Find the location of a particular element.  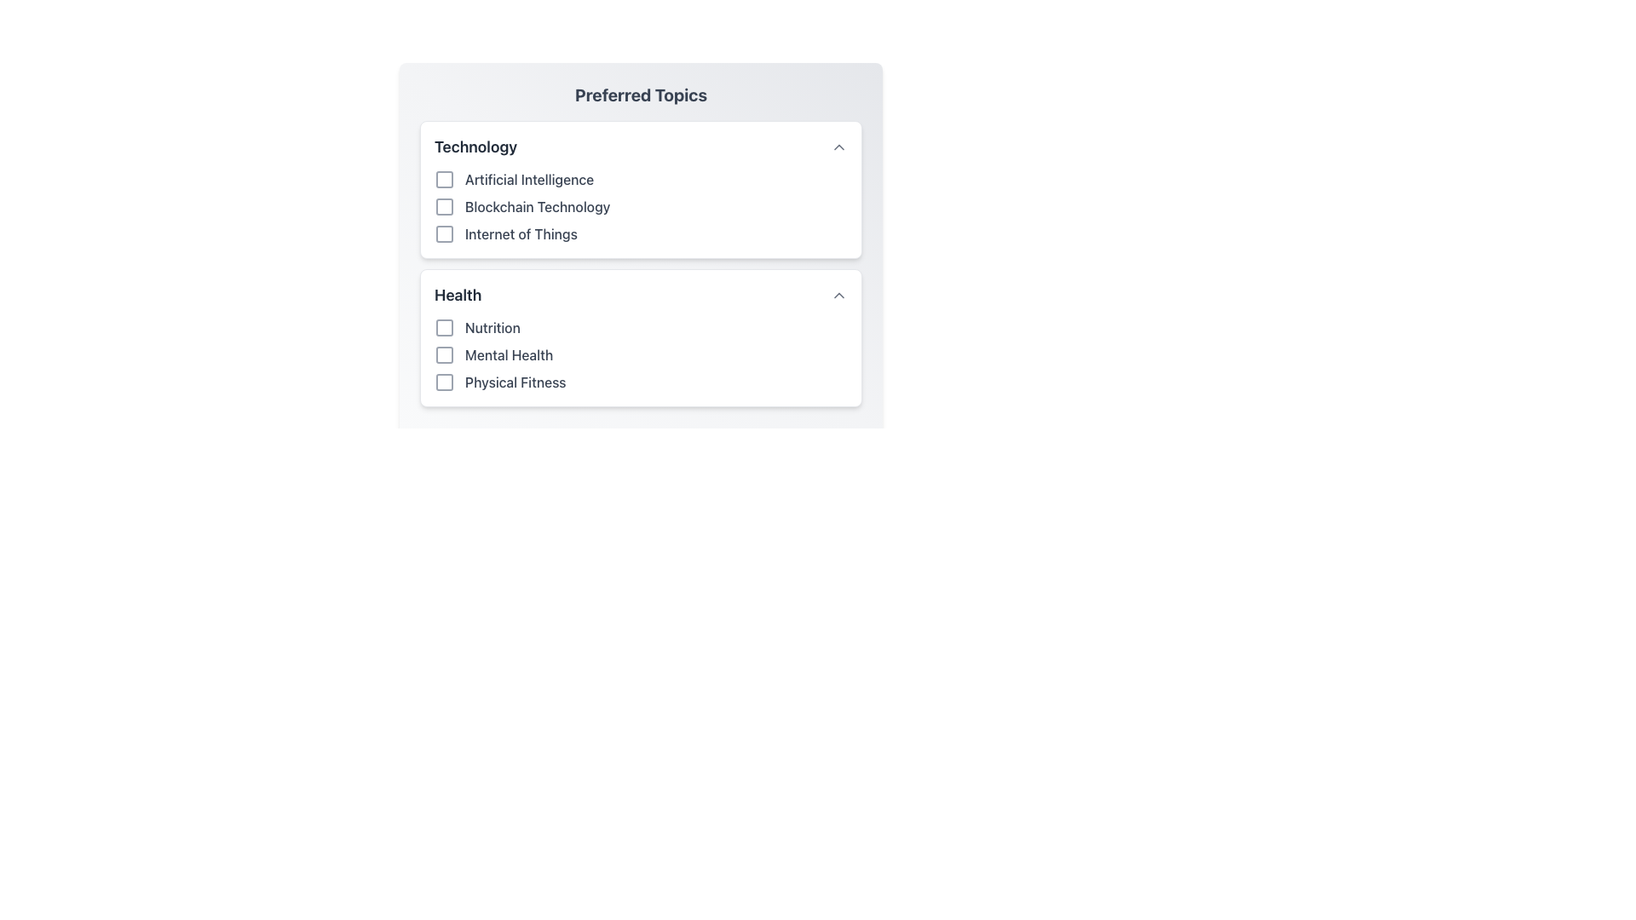

the checkbox labeled 'Artificial Intelligence' located in the 'Technology' section, the first item in the vertical list is located at coordinates (640, 180).